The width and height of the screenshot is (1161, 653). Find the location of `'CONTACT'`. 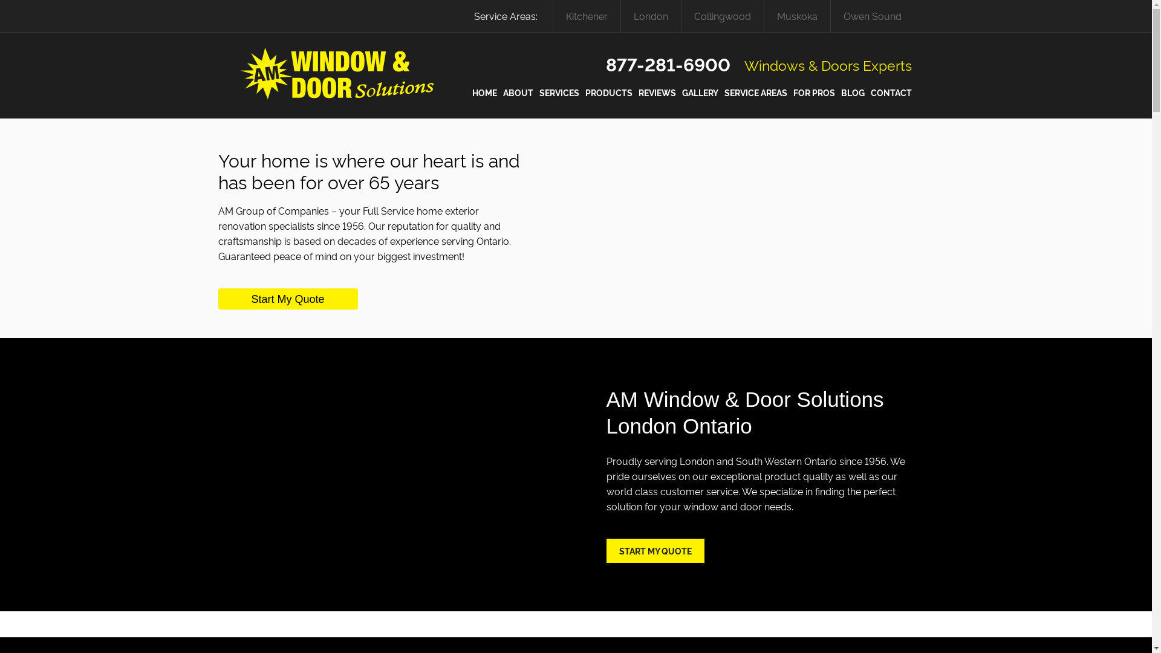

'CONTACT' is located at coordinates (891, 92).